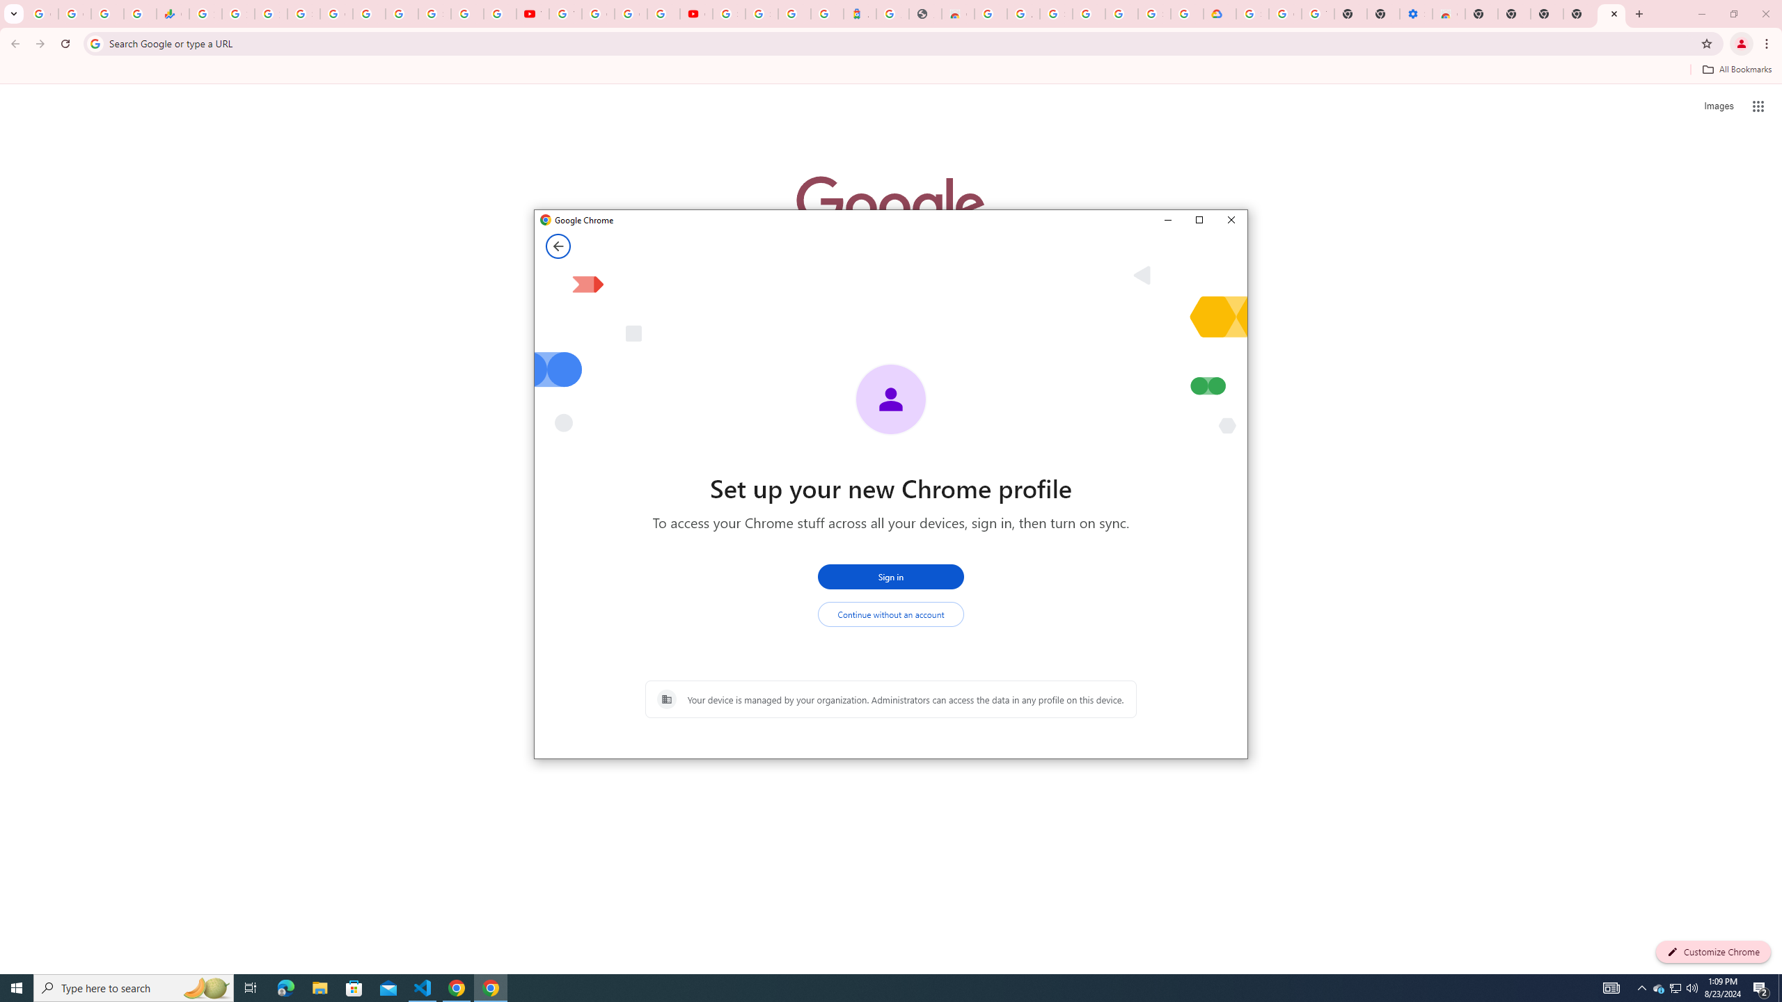 The width and height of the screenshot is (1782, 1002). What do you see at coordinates (1691, 987) in the screenshot?
I see `'Q2790: 100%'` at bounding box center [1691, 987].